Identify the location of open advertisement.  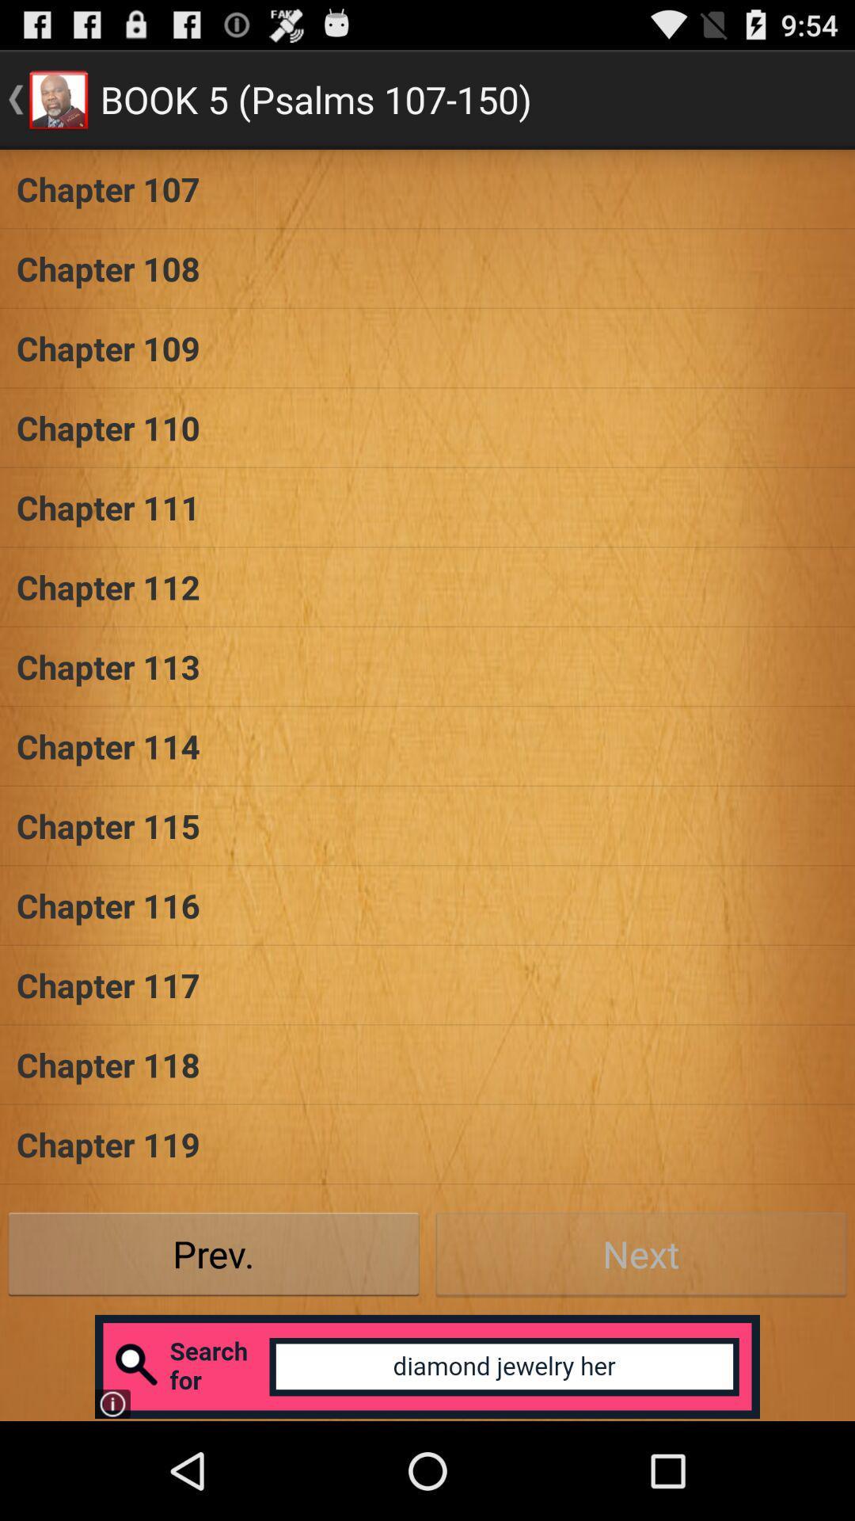
(427, 1366).